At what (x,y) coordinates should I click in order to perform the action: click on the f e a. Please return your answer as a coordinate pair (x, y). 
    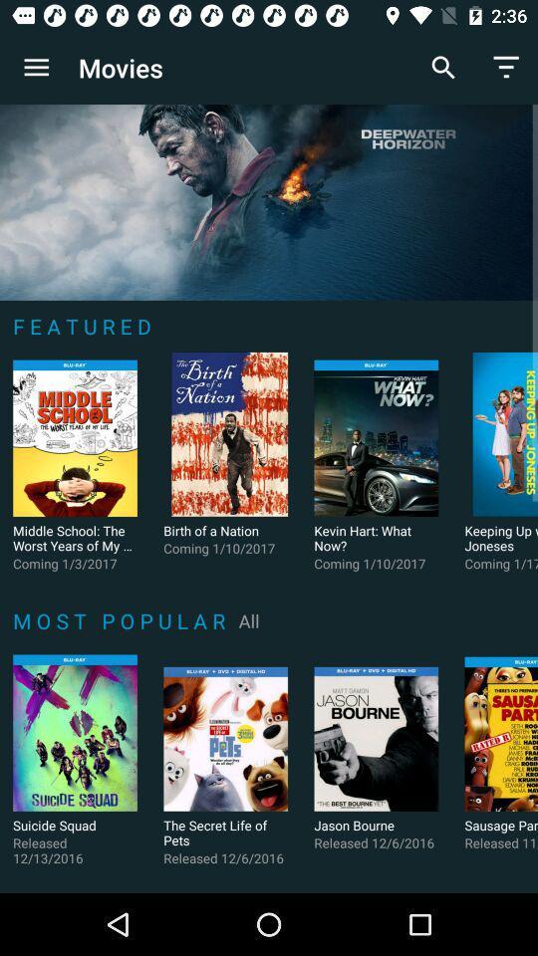
    Looking at the image, I should click on (84, 326).